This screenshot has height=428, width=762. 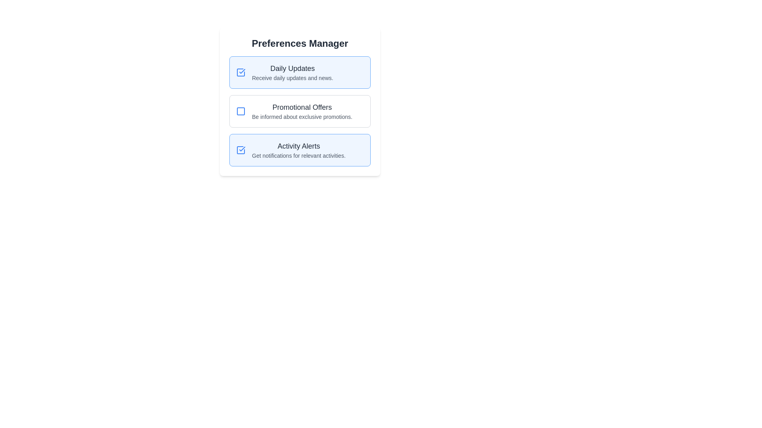 I want to click on to select the 'Activity Alerts' option card located in the third position under the 'Preferences Manager' heading, so click(x=299, y=150).